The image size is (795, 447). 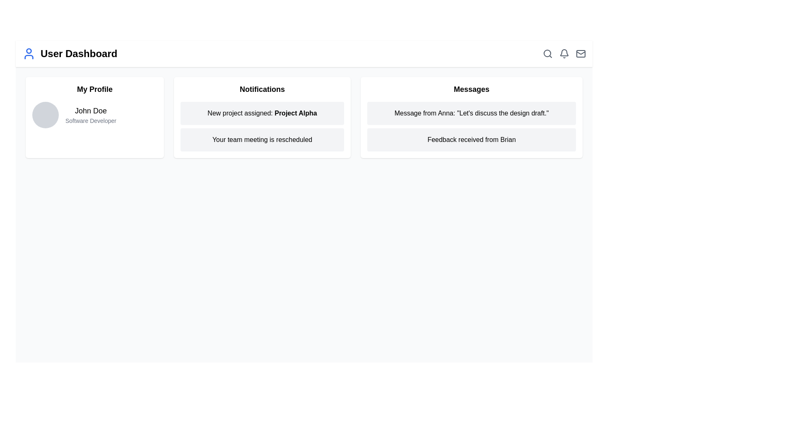 What do you see at coordinates (91, 121) in the screenshot?
I see `the label displaying the user's professional role or title, which is located centrally within the 'My Profile' section, directly below 'John Doe'` at bounding box center [91, 121].